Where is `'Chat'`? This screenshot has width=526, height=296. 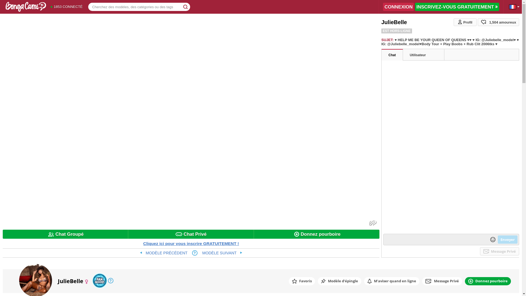 'Chat' is located at coordinates (381, 55).